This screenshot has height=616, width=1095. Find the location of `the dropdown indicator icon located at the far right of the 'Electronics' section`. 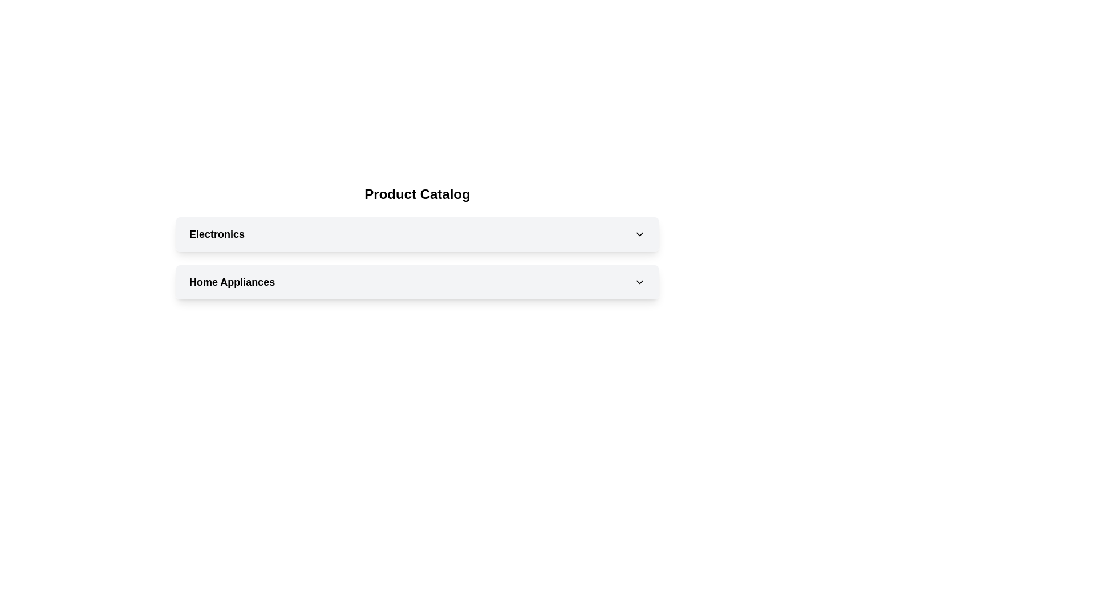

the dropdown indicator icon located at the far right of the 'Electronics' section is located at coordinates (640, 234).